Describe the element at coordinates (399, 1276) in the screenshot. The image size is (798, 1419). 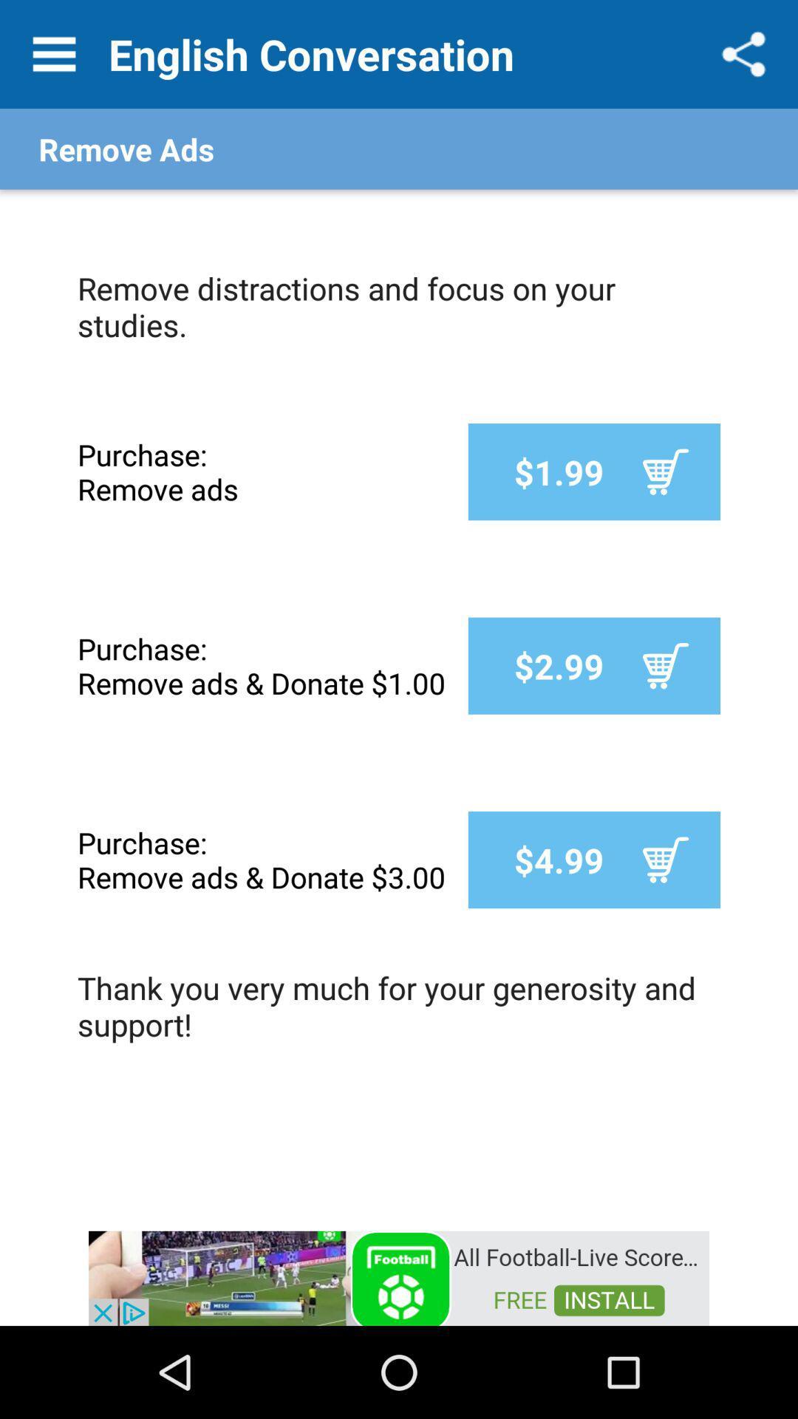
I see `click on this advertisement` at that location.